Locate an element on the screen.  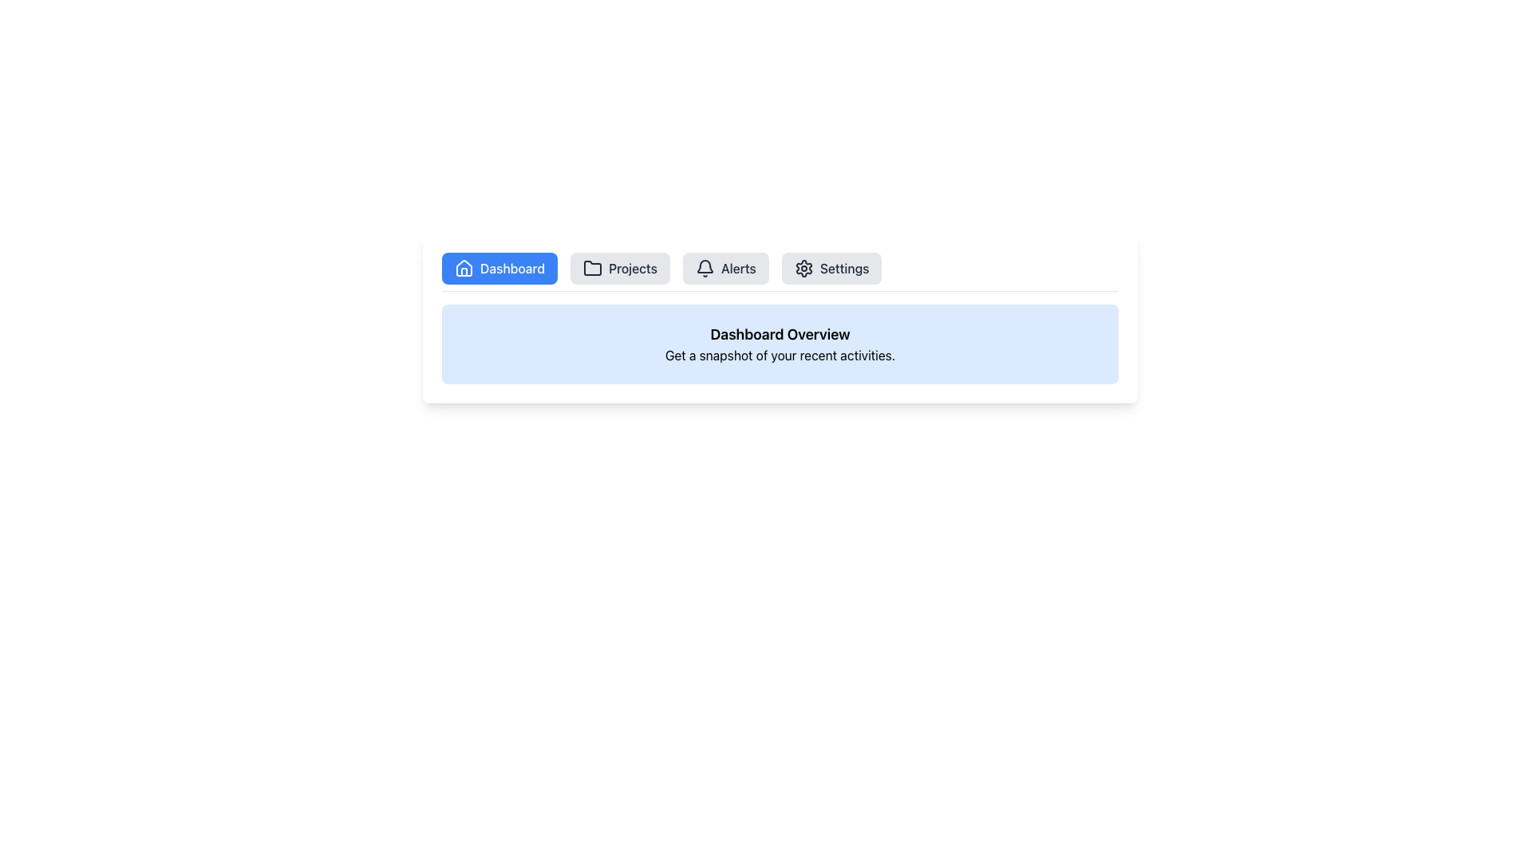
the 'Projects' button containing the folder icon is located at coordinates (592, 267).